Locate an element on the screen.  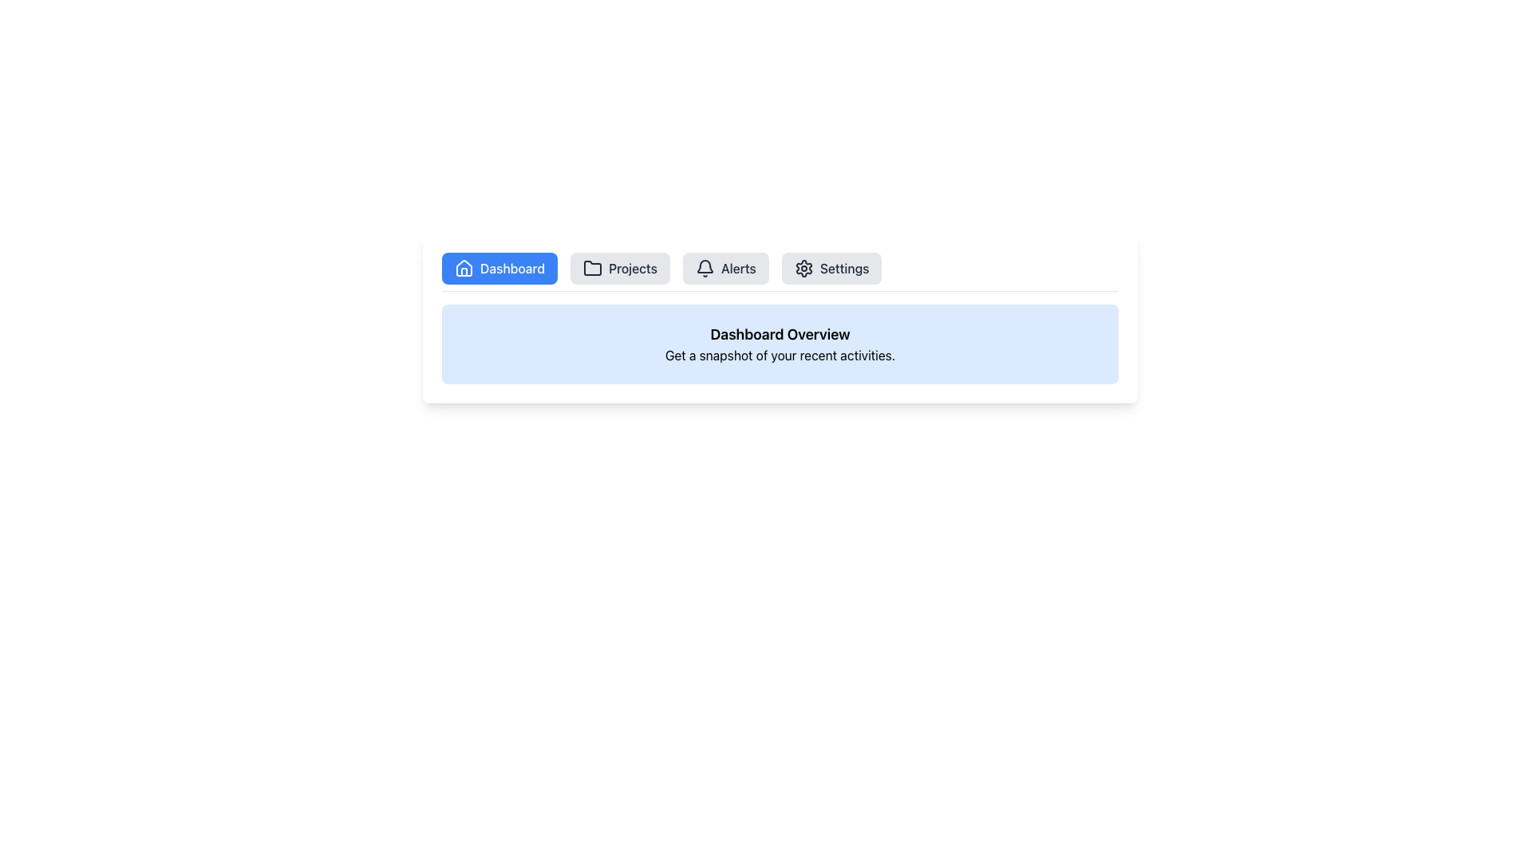
the 'Projects' button containing the folder icon is located at coordinates (592, 267).